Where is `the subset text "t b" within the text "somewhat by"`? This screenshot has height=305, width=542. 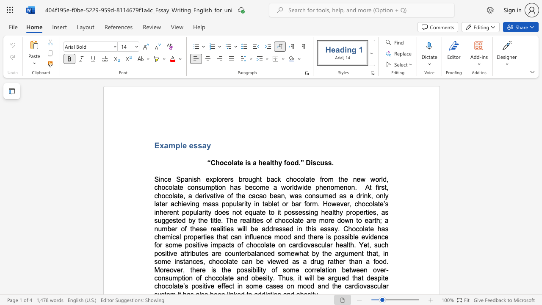
the subset text "t b" within the text "somewhat by" is located at coordinates (306, 253).